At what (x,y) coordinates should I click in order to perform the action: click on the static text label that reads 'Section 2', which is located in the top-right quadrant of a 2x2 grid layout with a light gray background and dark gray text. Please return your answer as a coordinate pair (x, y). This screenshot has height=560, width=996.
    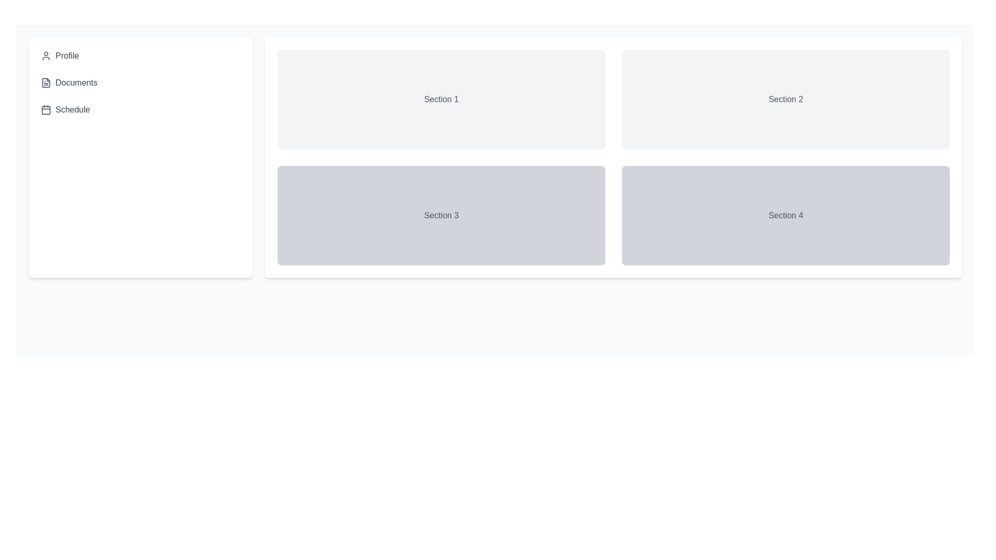
    Looking at the image, I should click on (786, 100).